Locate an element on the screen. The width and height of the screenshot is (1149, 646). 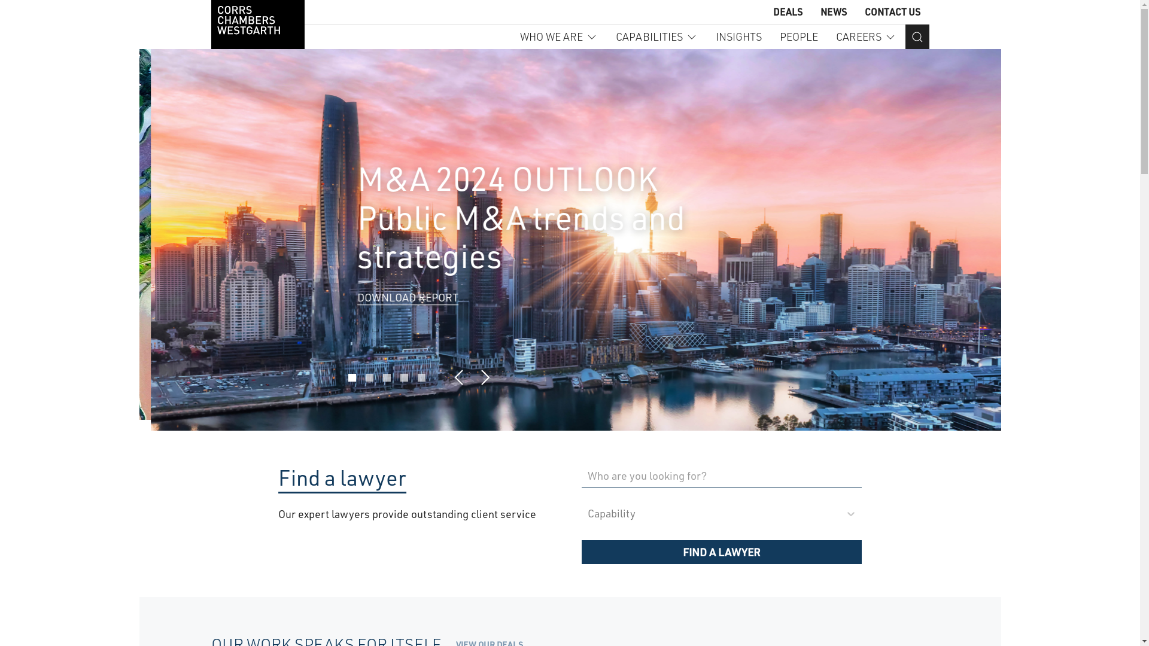
'WHO WE ARE' is located at coordinates (557, 36).